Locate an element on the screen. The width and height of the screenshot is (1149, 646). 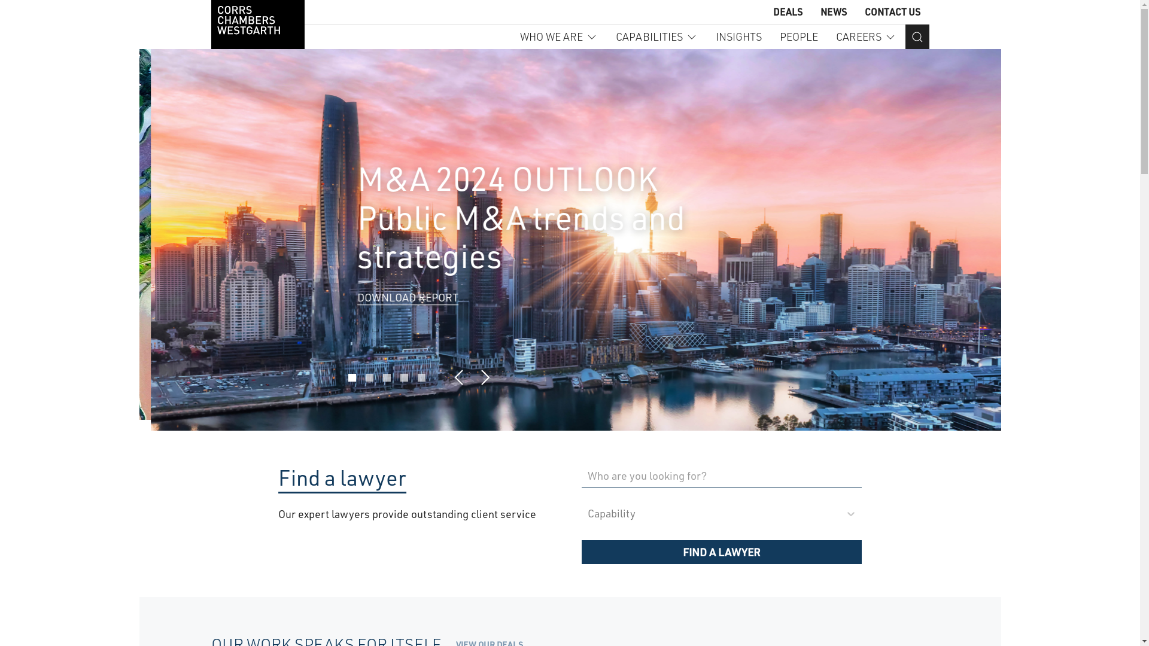
'WHO WE ARE' is located at coordinates (557, 36).